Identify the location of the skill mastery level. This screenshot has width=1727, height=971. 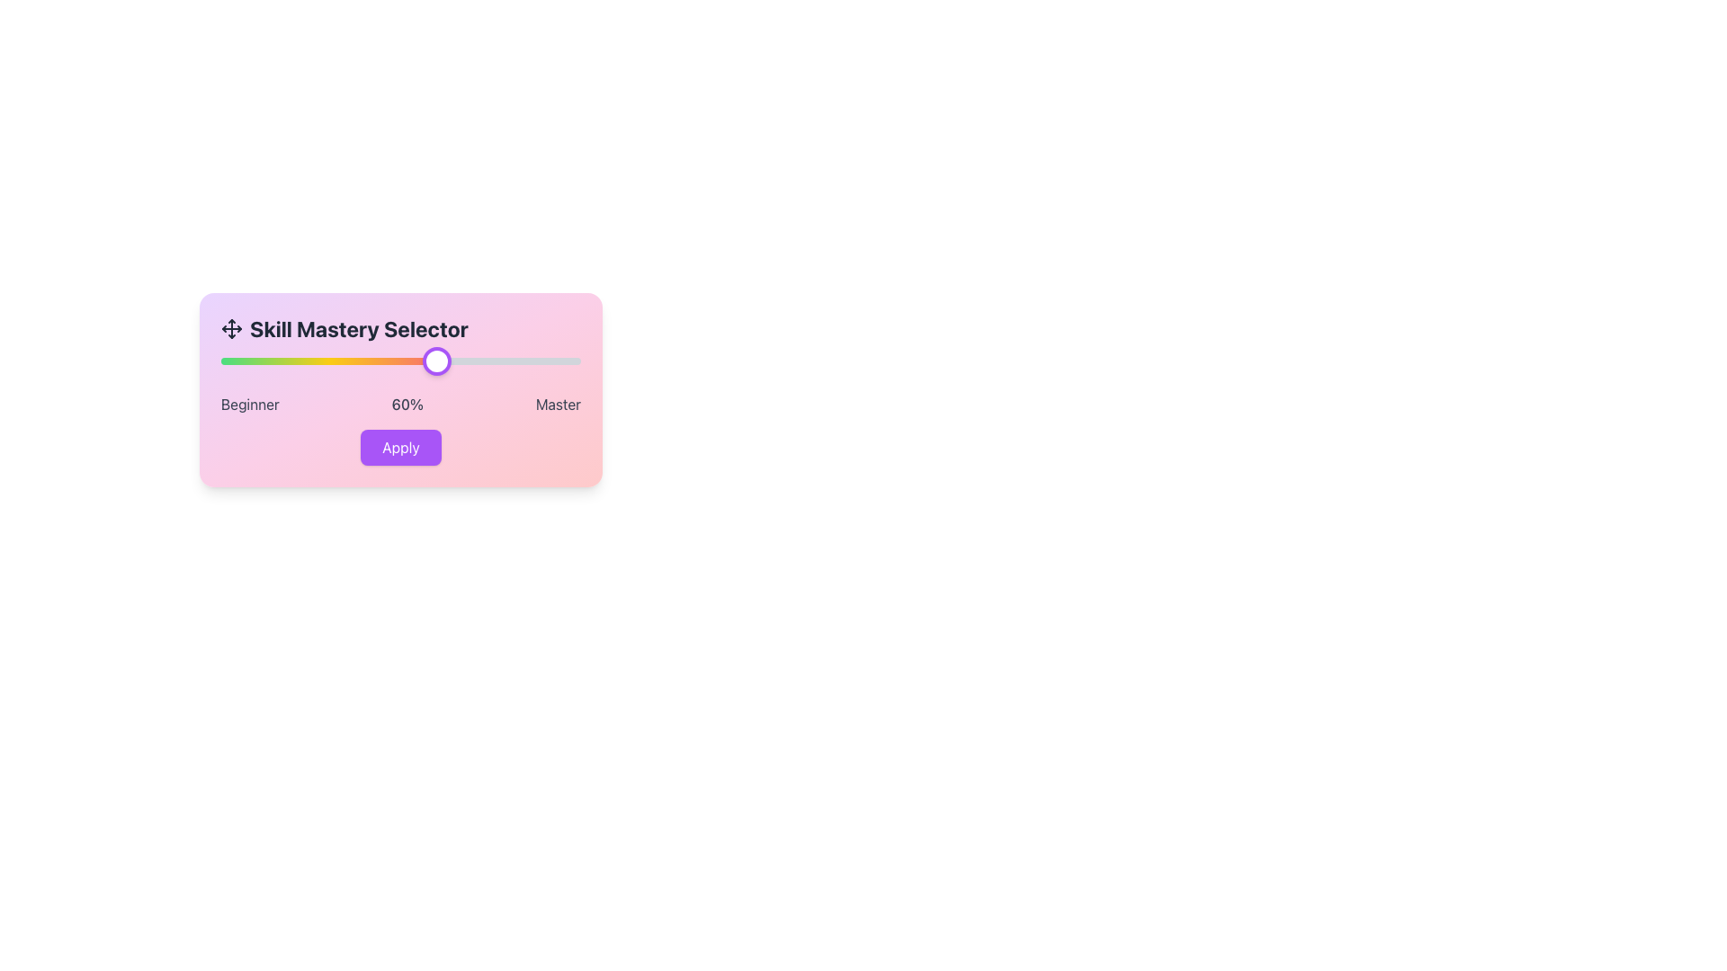
(417, 361).